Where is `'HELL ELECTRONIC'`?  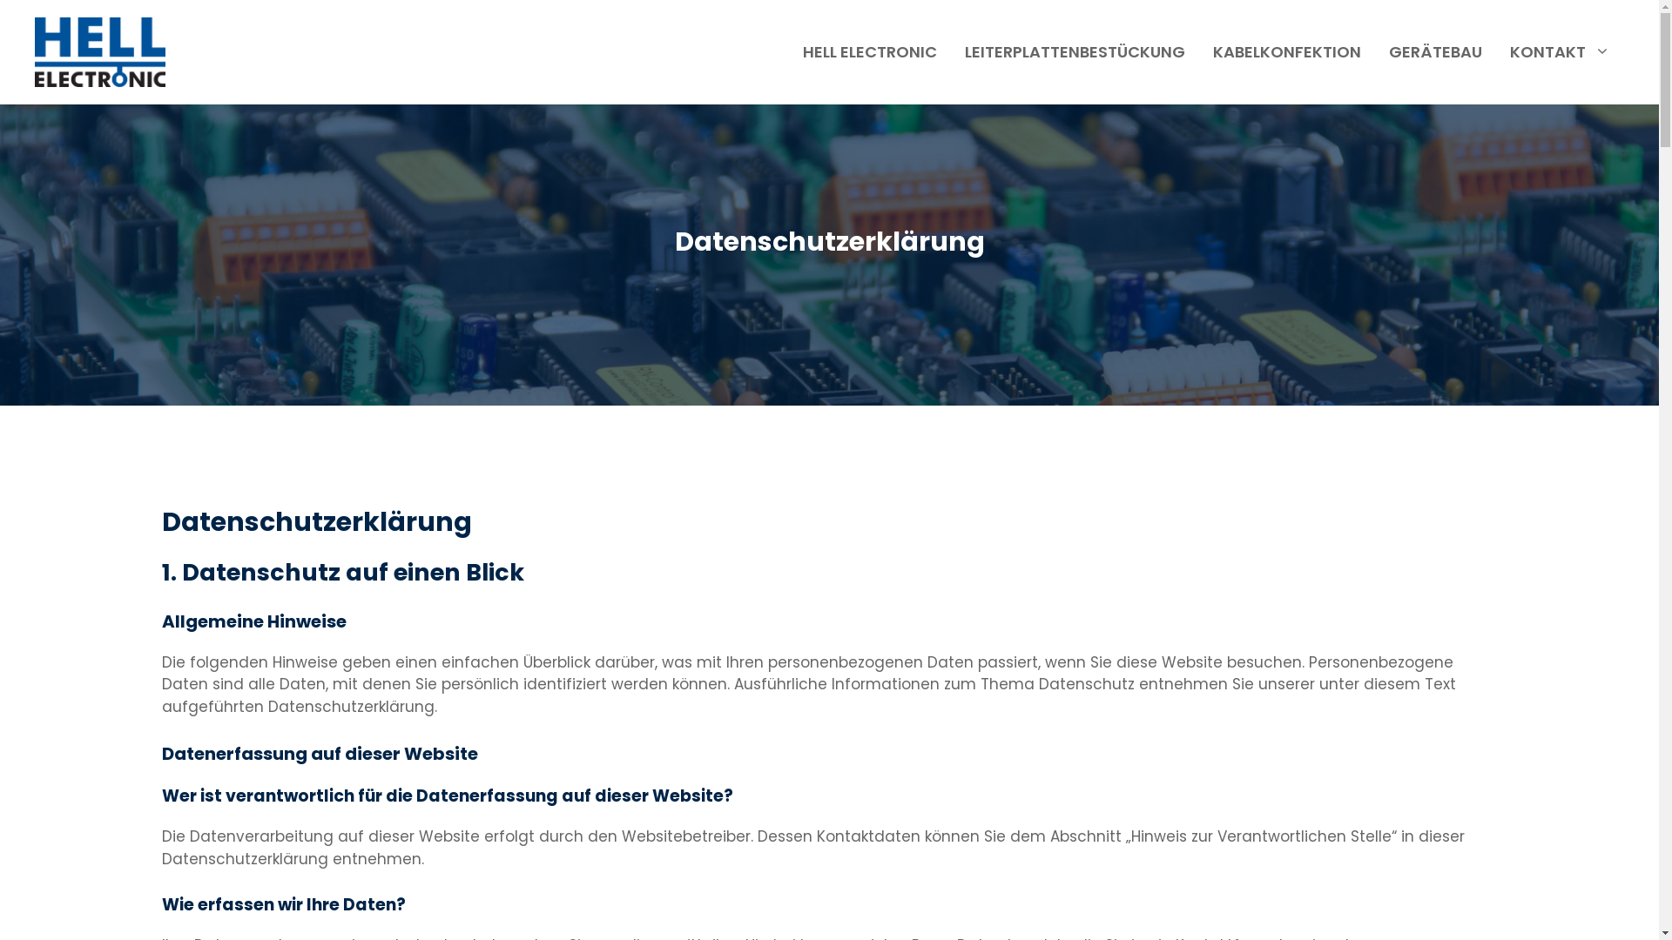 'HELL ELECTRONIC' is located at coordinates (869, 51).